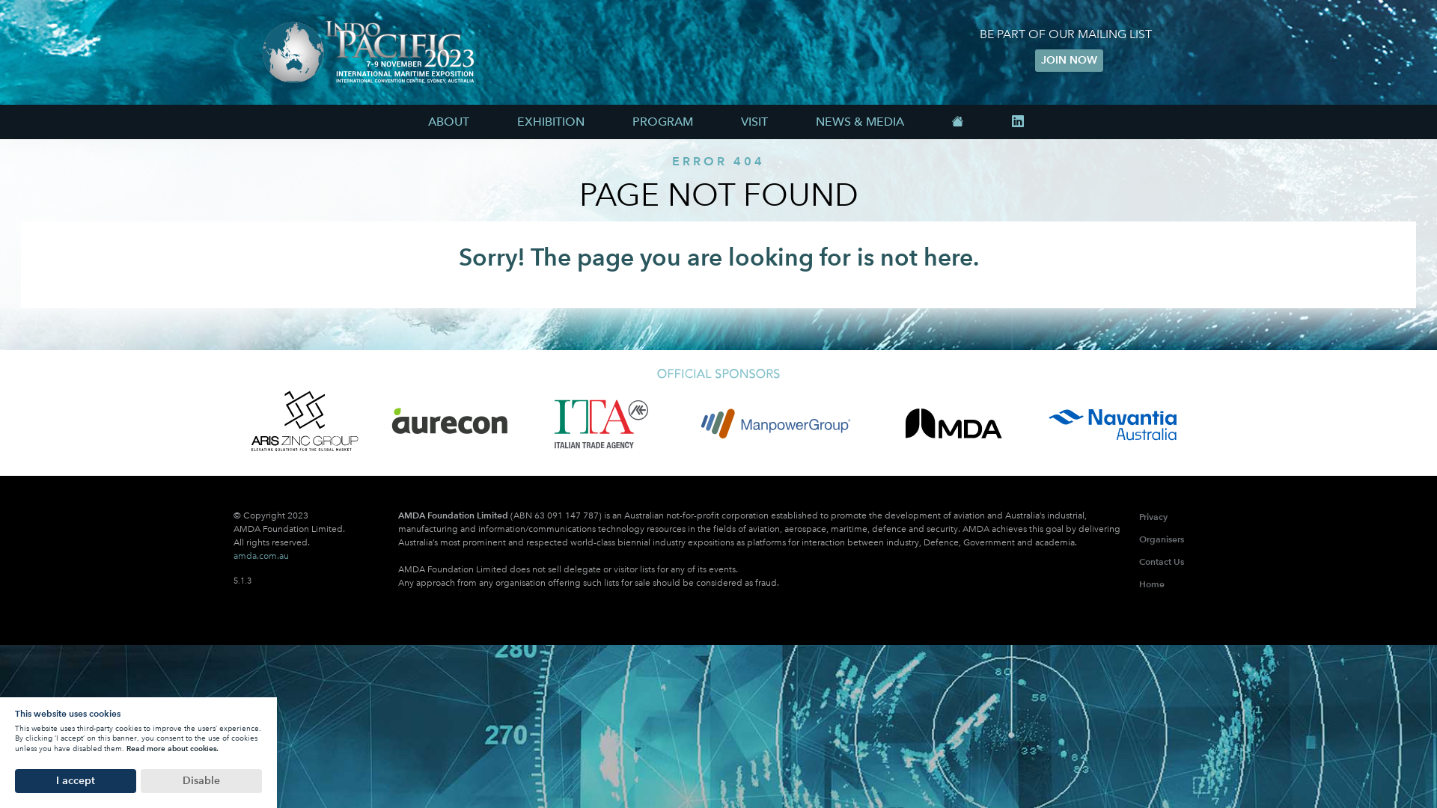 The width and height of the screenshot is (1437, 808). What do you see at coordinates (1067, 60) in the screenshot?
I see `'JOIN NOW'` at bounding box center [1067, 60].